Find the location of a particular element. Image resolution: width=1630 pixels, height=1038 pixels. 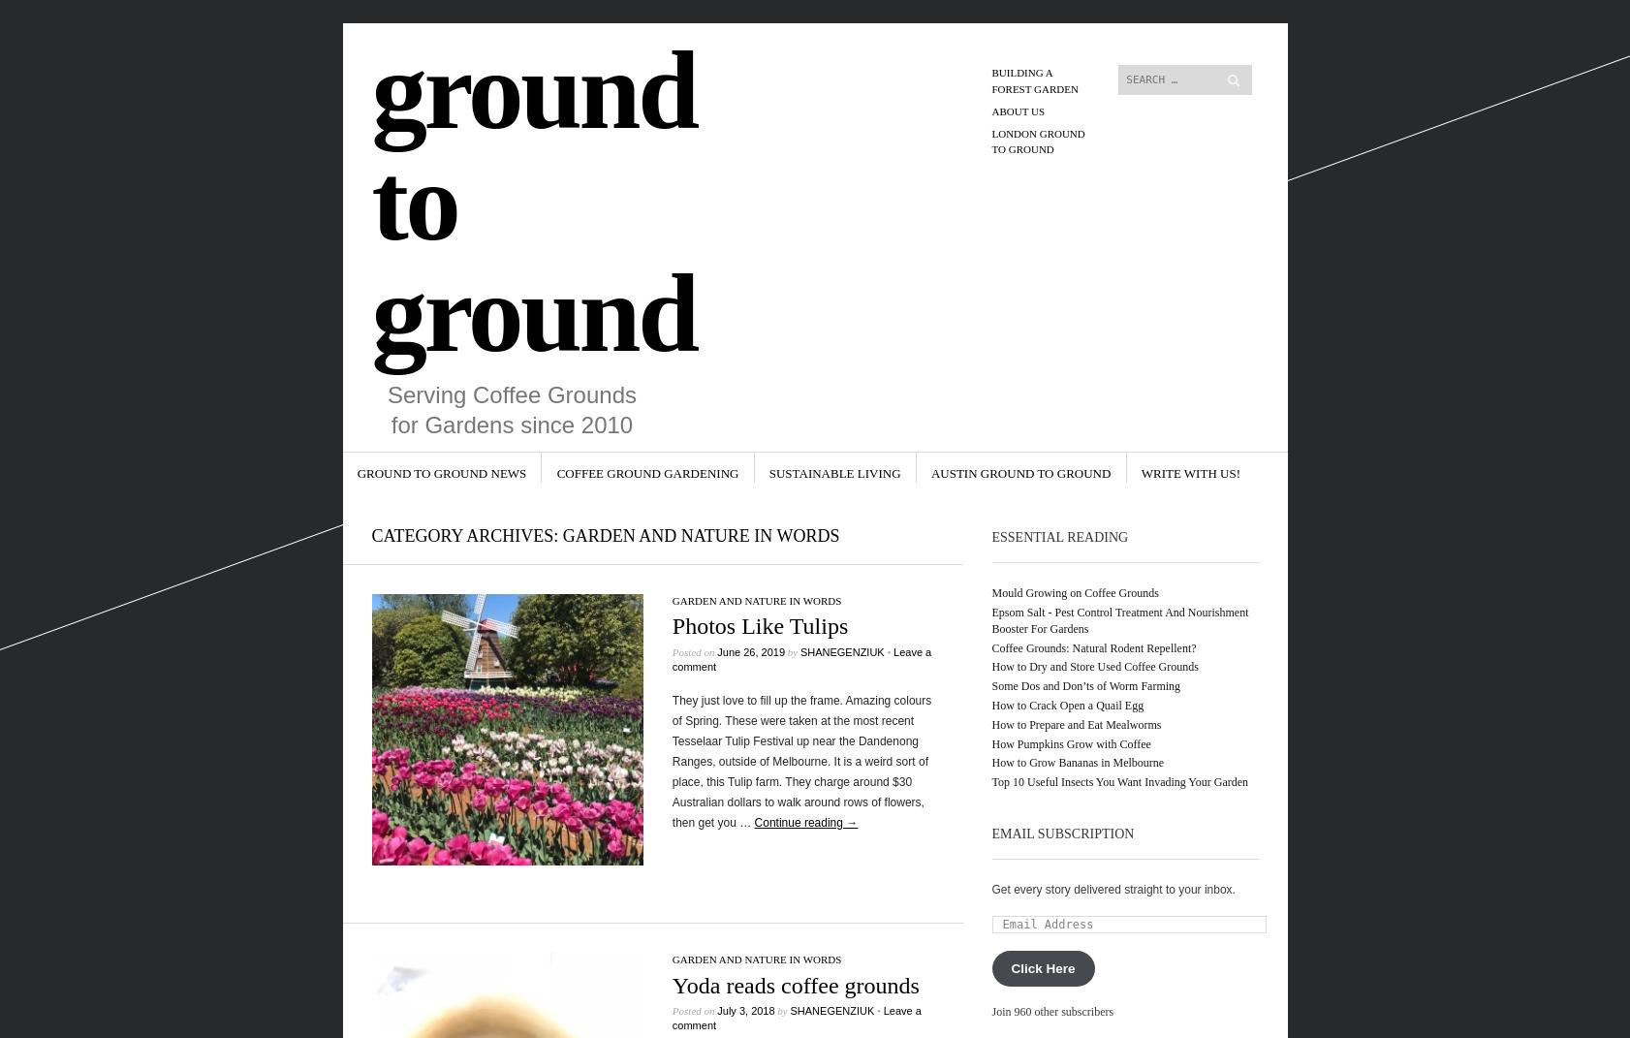

'Some Dos and Don’ts of Worm Farming' is located at coordinates (1084, 686).